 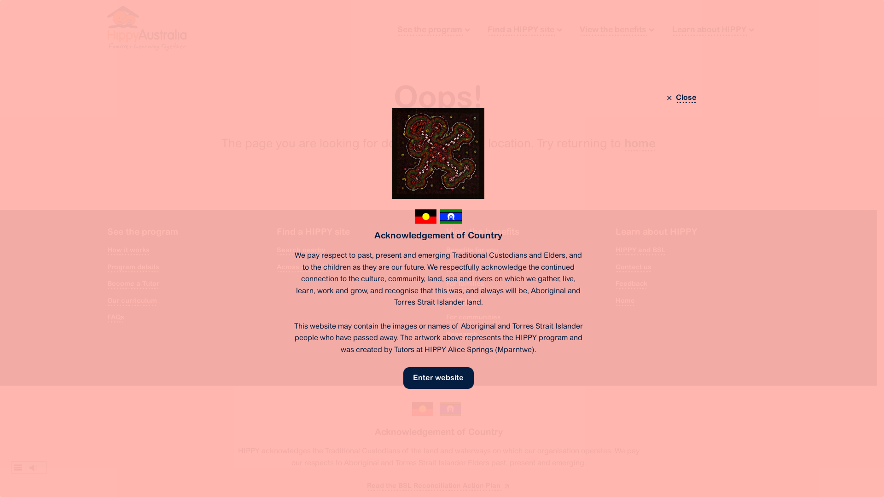 I want to click on 'Find a HIPPY site', so click(x=525, y=29).